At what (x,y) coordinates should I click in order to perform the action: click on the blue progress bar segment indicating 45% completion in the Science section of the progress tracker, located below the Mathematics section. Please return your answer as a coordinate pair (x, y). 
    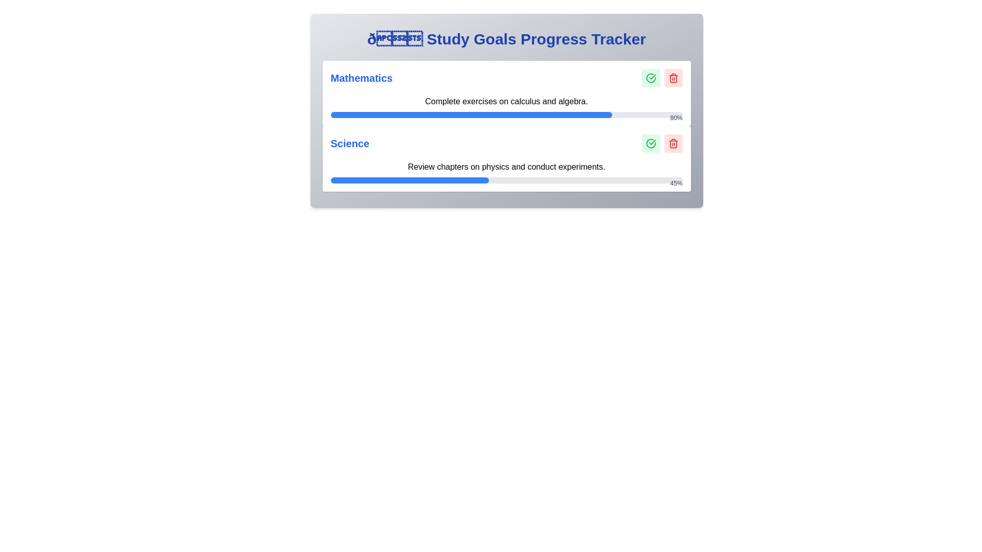
    Looking at the image, I should click on (410, 180).